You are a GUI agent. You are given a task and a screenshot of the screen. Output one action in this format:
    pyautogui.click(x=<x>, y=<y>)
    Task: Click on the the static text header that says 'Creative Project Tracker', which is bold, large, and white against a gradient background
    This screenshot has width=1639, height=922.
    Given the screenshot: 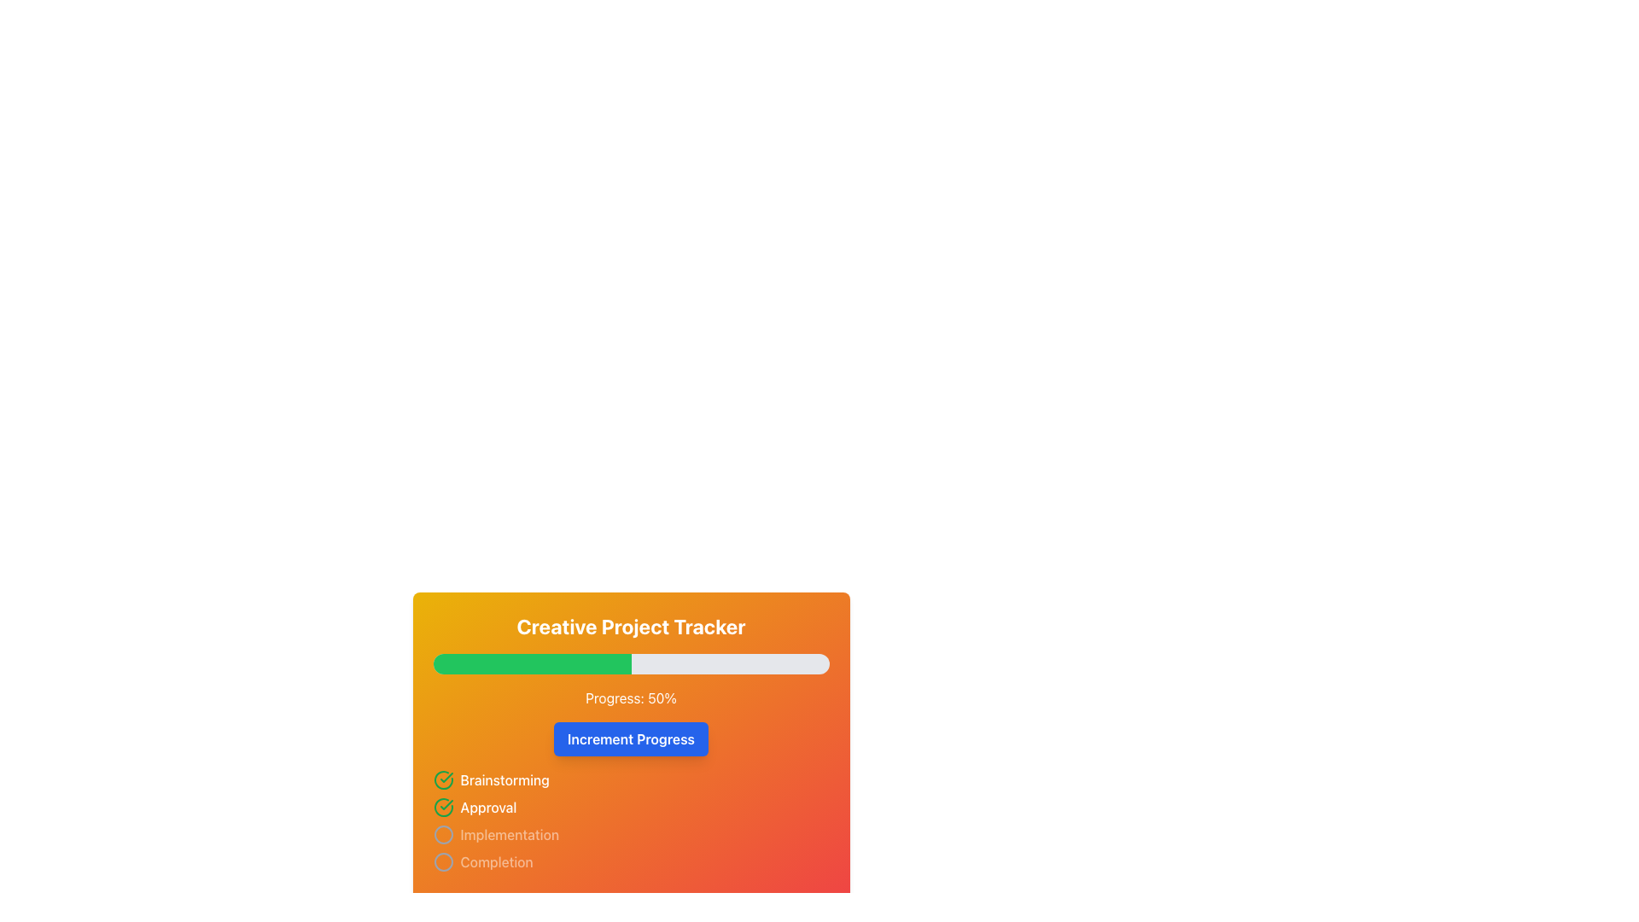 What is the action you would take?
    pyautogui.click(x=630, y=626)
    